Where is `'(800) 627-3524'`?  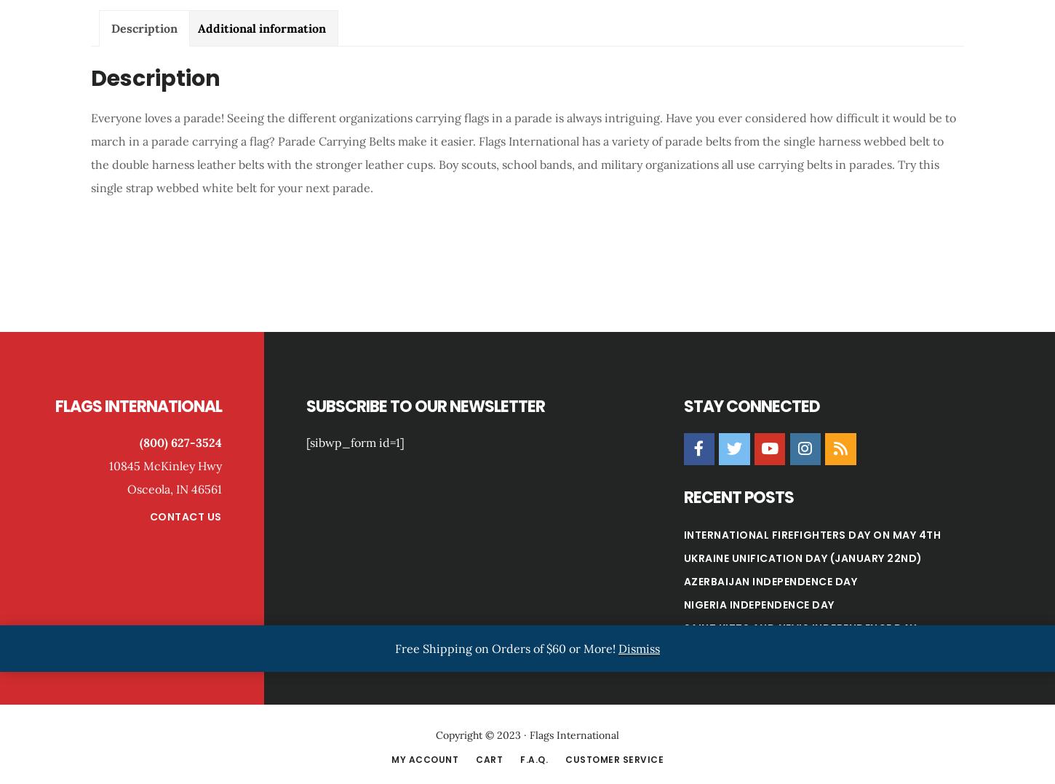 '(800) 627-3524' is located at coordinates (180, 441).